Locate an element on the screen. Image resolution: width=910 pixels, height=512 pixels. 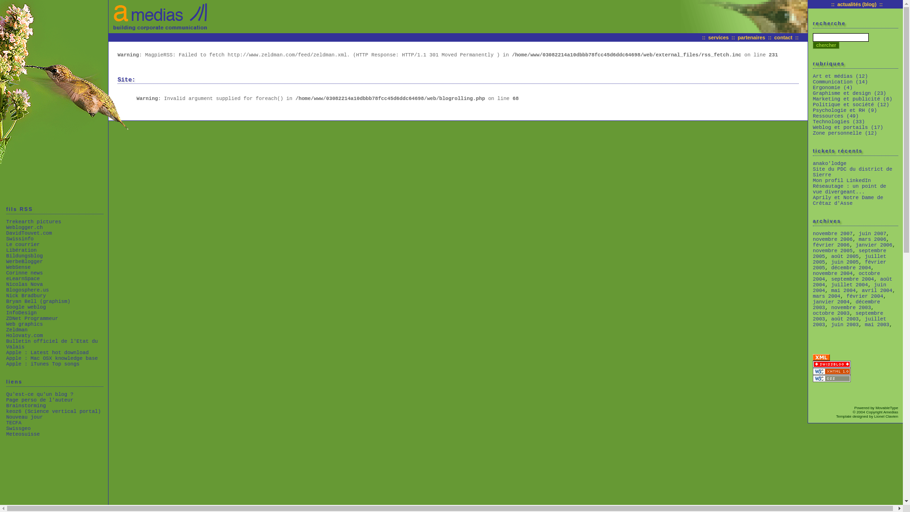
'keoz6 (Science vertical portal)' is located at coordinates (53, 411).